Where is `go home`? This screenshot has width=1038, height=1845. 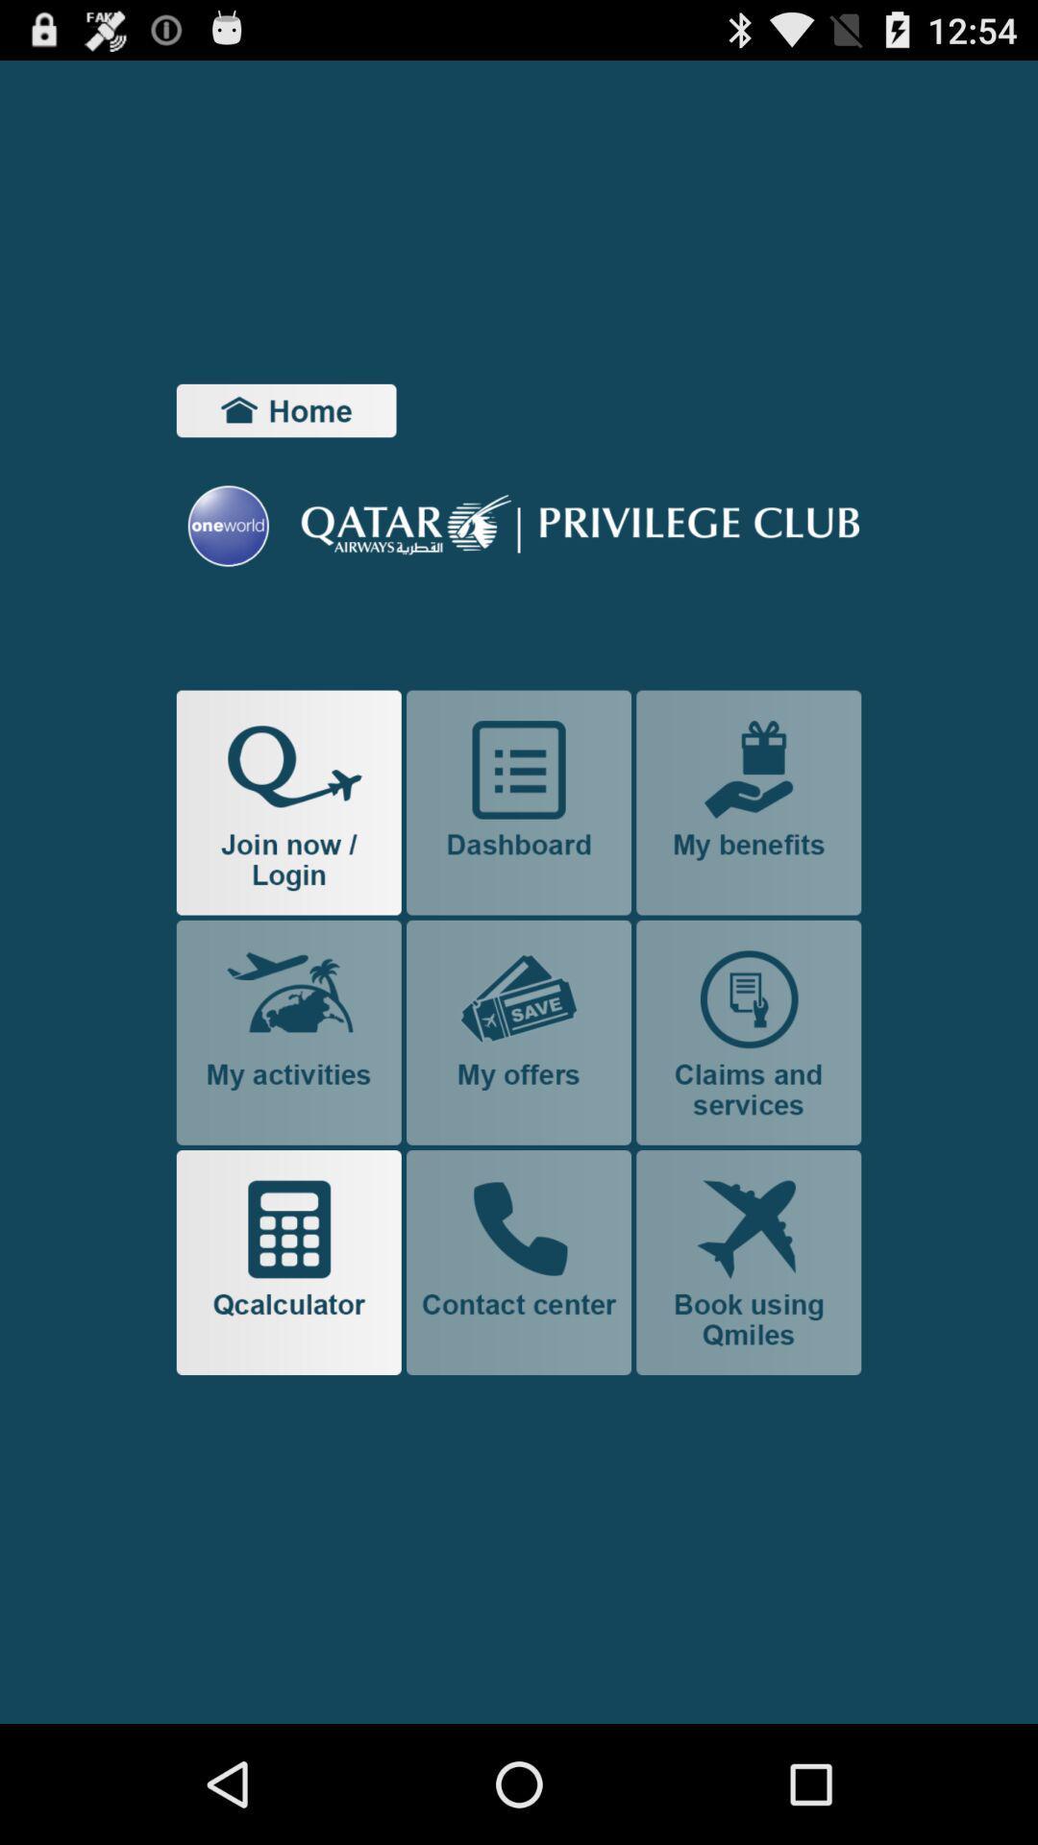
go home is located at coordinates (286, 409).